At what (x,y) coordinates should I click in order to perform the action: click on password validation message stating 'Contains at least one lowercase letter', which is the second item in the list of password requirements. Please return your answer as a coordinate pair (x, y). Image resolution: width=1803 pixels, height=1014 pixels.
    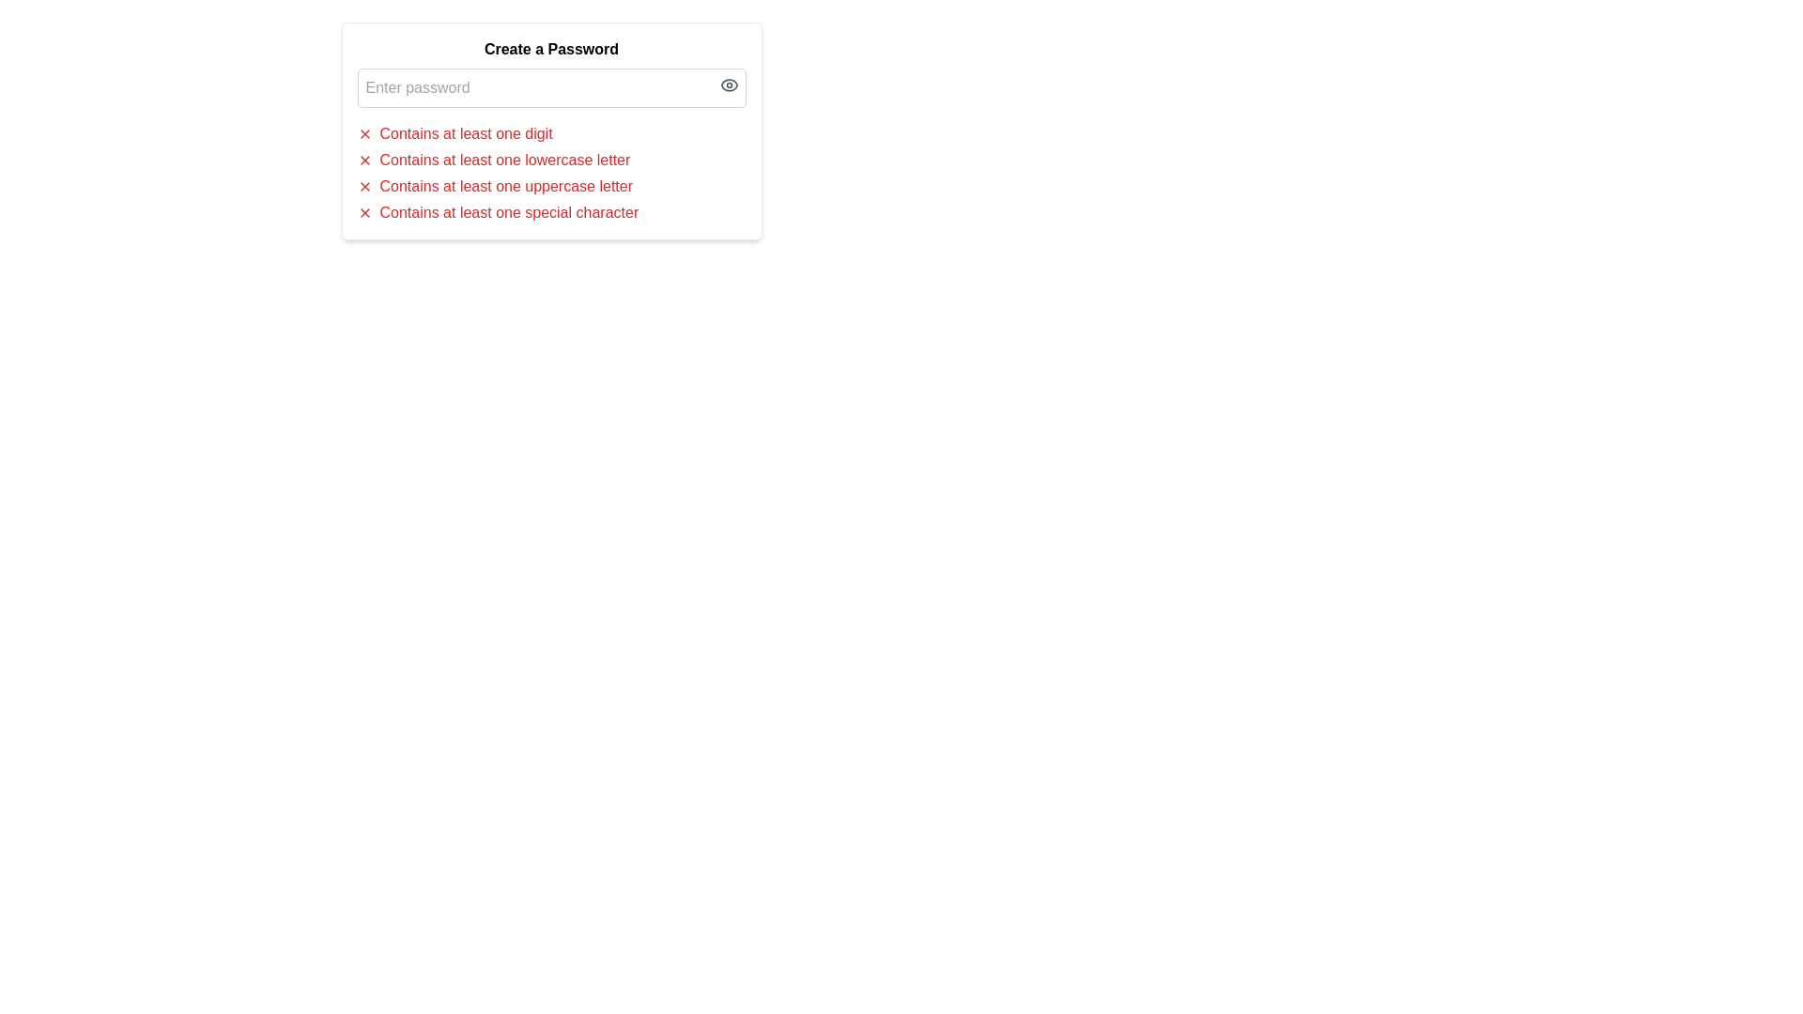
    Looking at the image, I should click on (550, 159).